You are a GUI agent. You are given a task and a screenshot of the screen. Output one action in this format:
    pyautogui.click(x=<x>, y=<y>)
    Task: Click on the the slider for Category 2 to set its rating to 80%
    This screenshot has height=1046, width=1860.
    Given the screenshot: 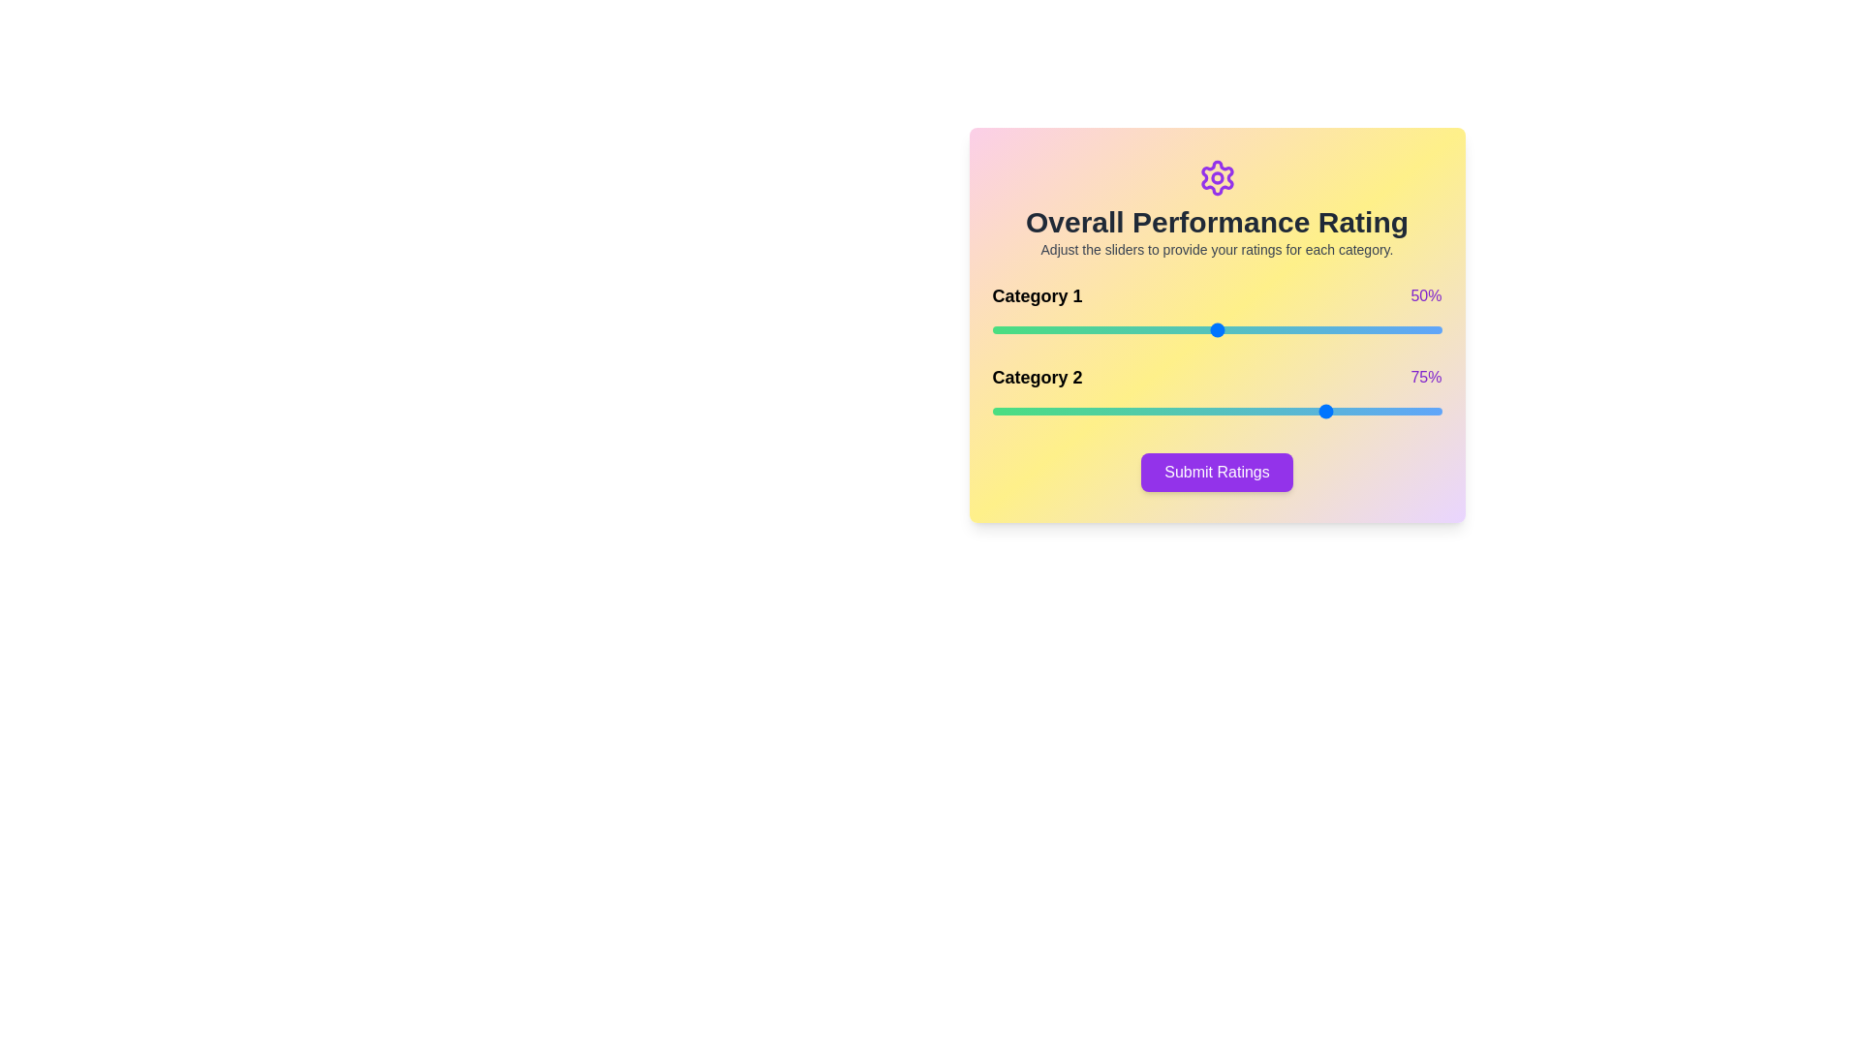 What is the action you would take?
    pyautogui.click(x=1350, y=410)
    